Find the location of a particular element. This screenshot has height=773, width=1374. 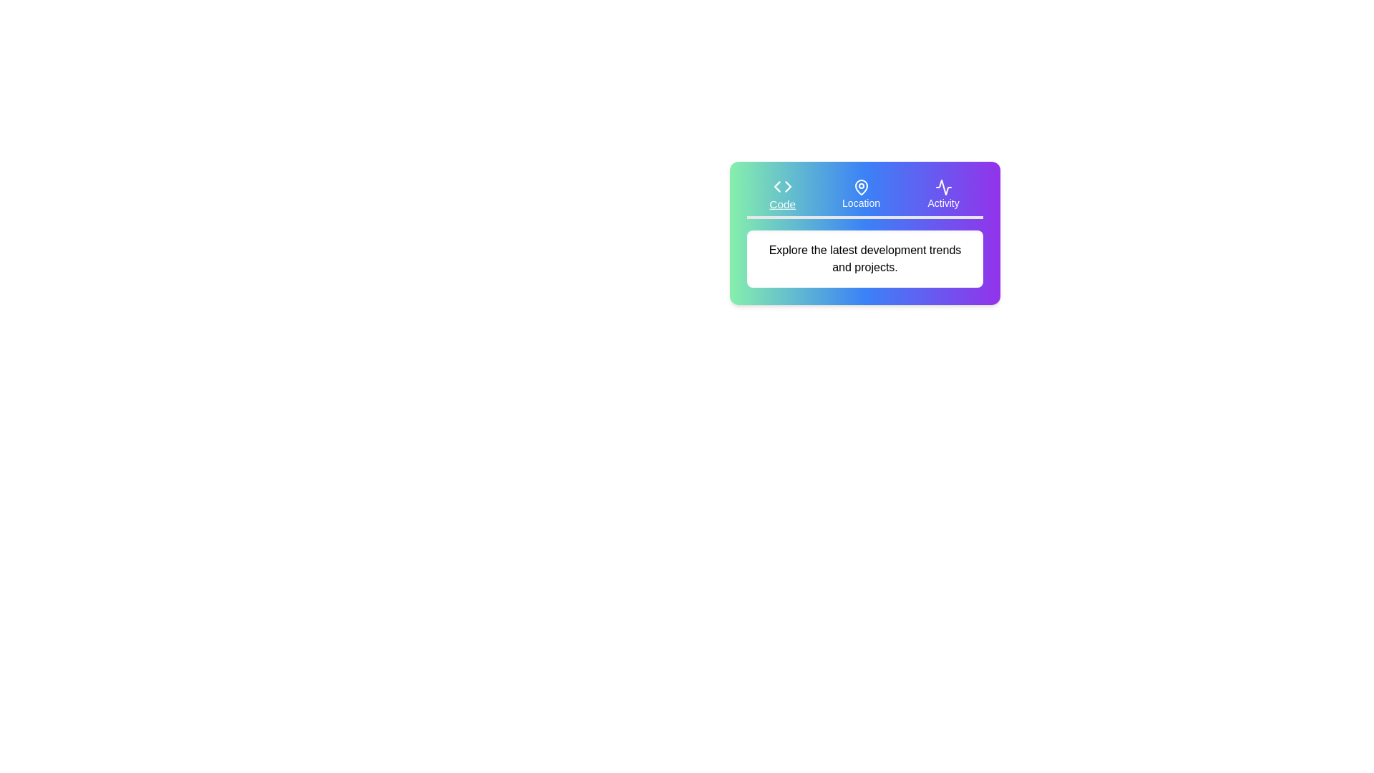

the Location tab by clicking on its icon or label is located at coordinates (860, 195).